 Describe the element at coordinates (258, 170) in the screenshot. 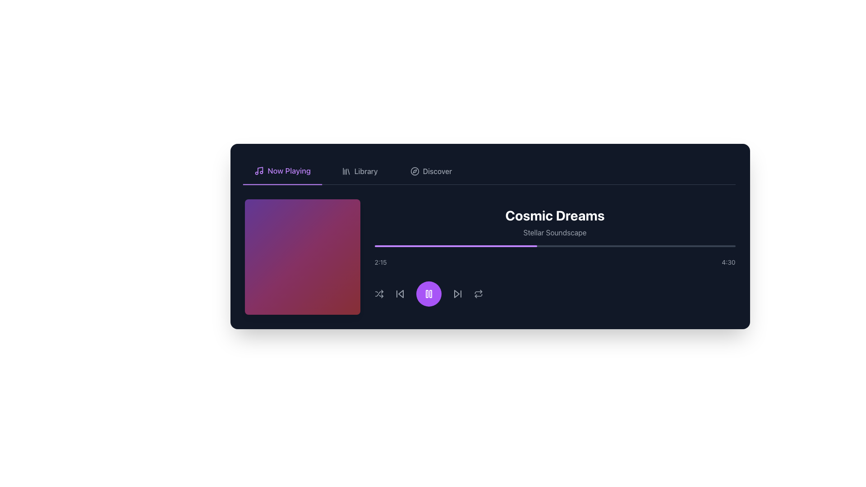

I see `the musical note icon located to the left of the 'Now Playing' text in the header section for navigation or interaction` at that location.